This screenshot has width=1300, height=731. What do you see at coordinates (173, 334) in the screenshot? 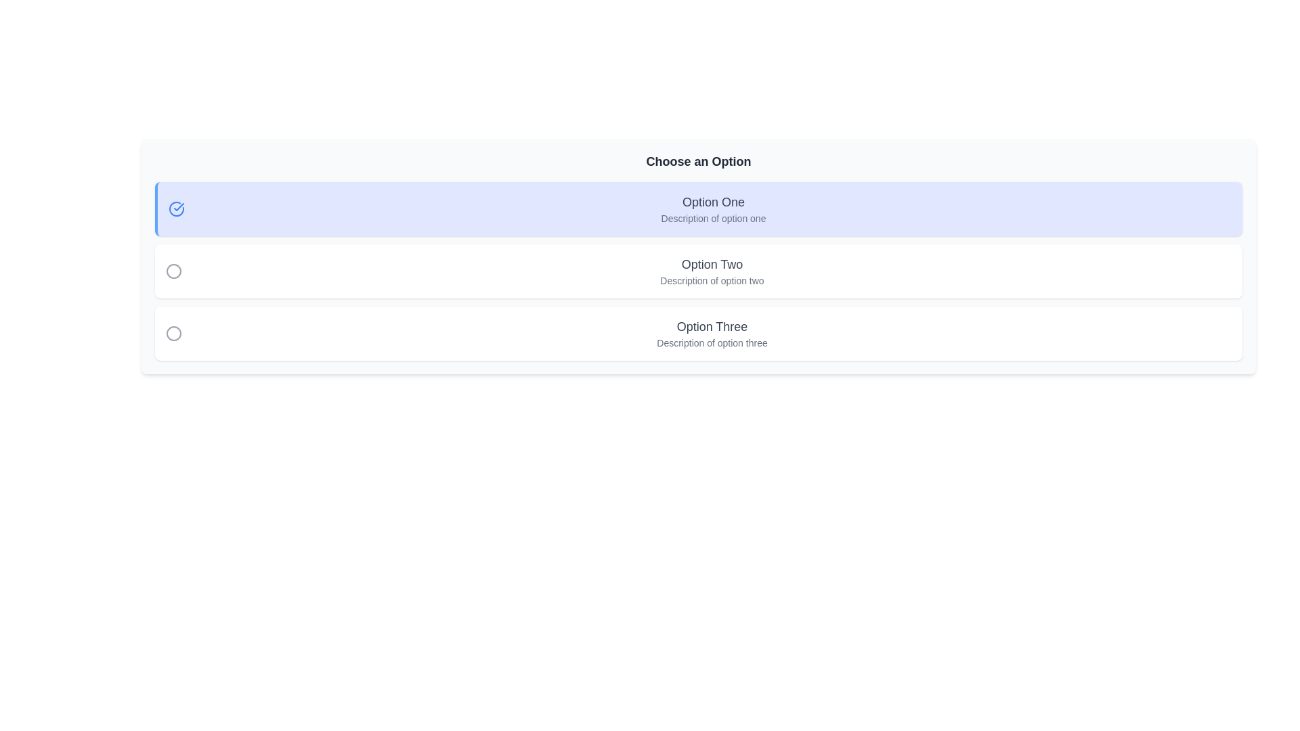
I see `the inner part of the circular icon next to the 'Option Three' selection row, which is visually represented as a stroked circle and located in the bottom section of the list` at bounding box center [173, 334].